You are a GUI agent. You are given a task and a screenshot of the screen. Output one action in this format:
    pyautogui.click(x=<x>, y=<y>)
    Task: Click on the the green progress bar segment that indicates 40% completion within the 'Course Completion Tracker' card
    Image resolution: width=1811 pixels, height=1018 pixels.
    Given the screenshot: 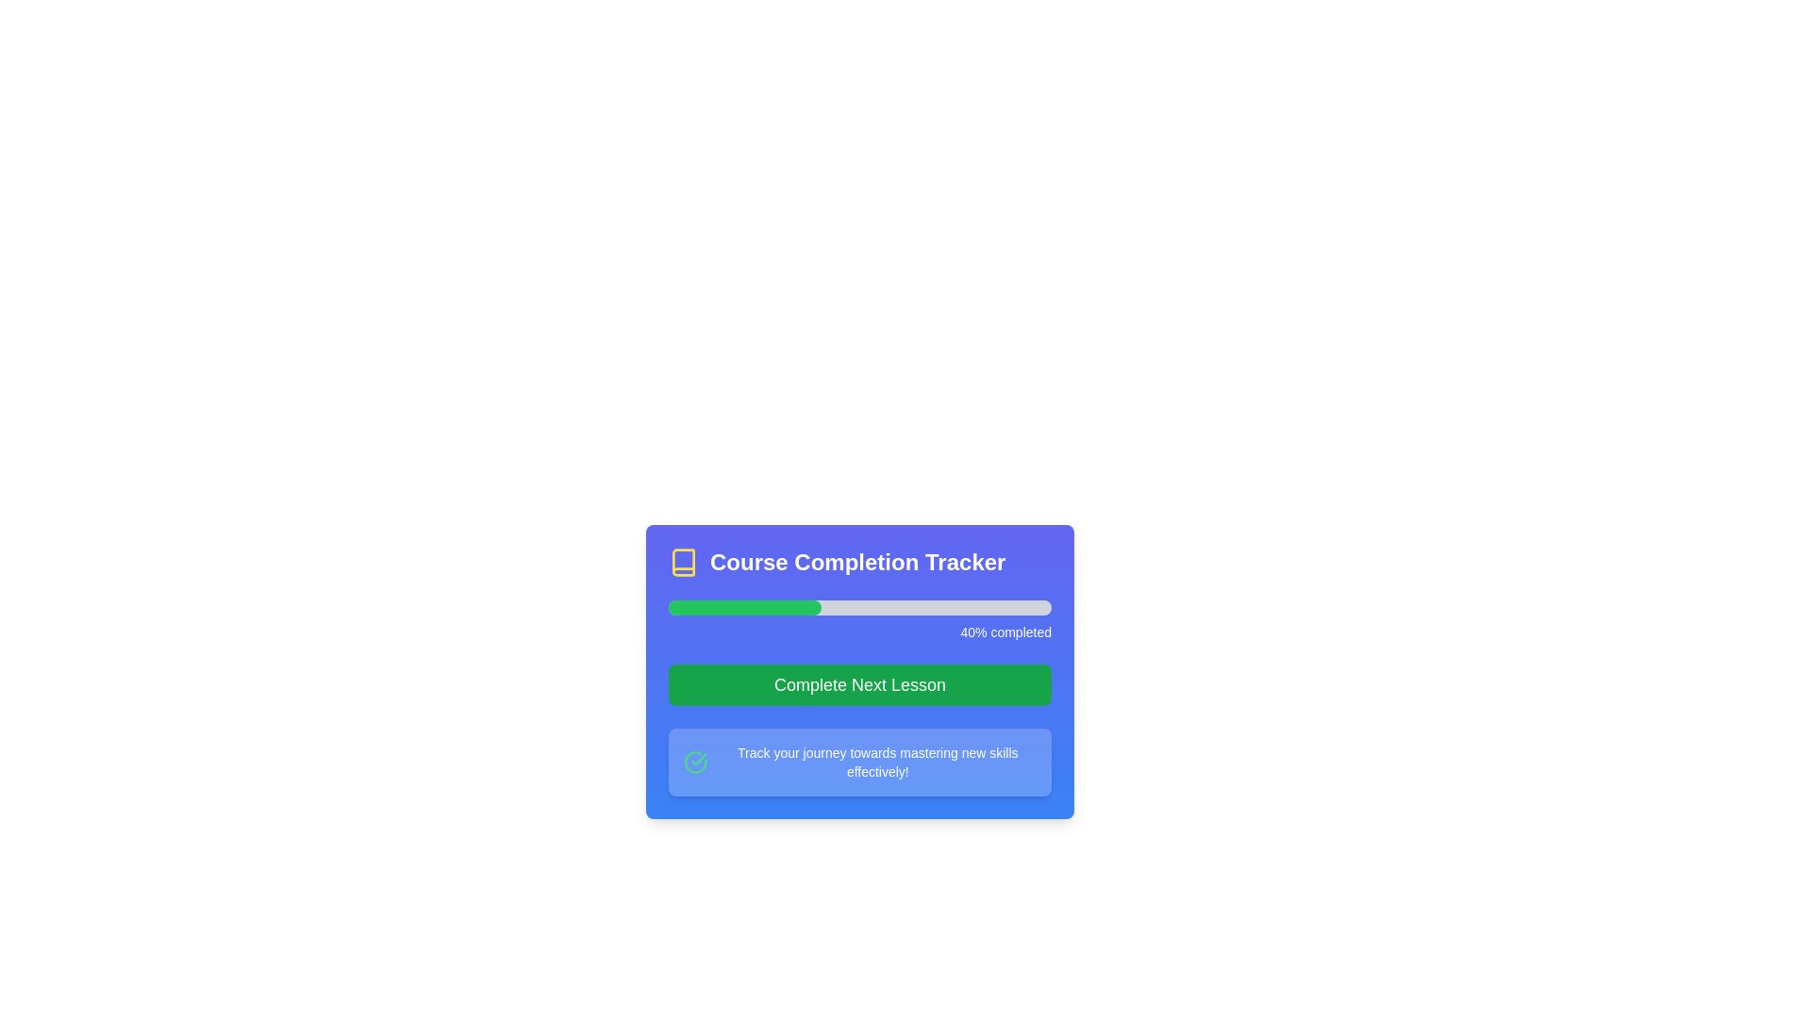 What is the action you would take?
    pyautogui.click(x=744, y=607)
    